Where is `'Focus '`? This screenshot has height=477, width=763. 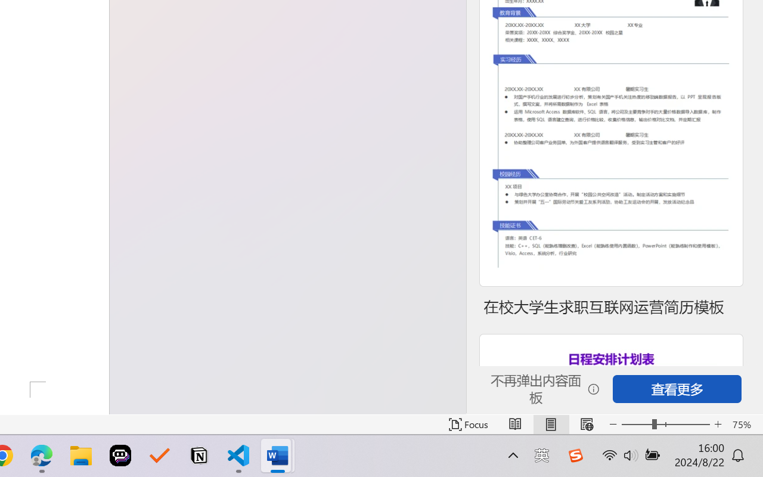 'Focus ' is located at coordinates (468, 424).